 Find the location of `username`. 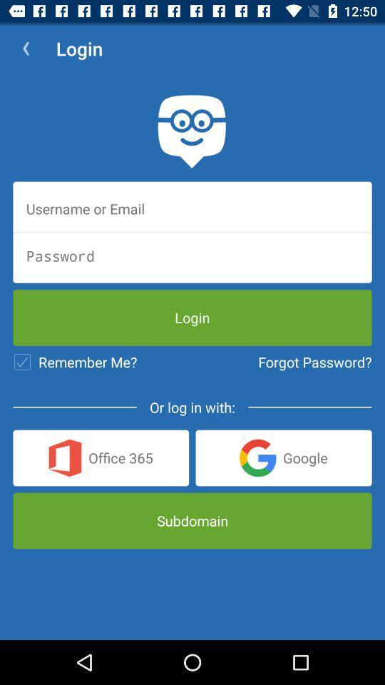

username is located at coordinates (192, 208).